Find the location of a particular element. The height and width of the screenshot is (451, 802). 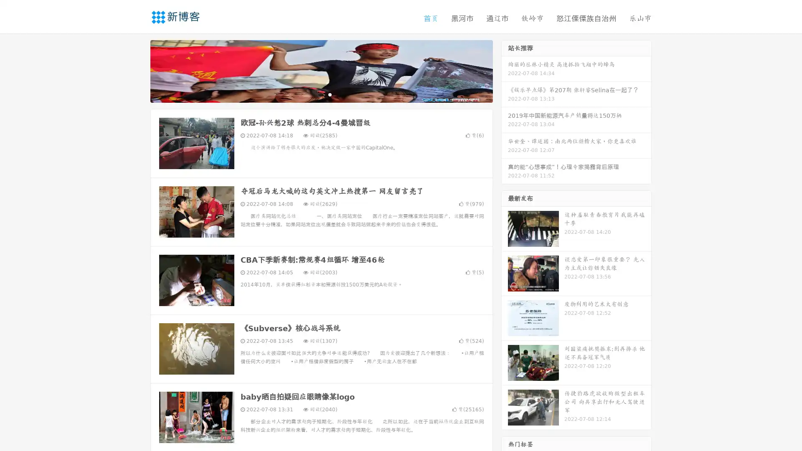

Previous slide is located at coordinates (138, 70).